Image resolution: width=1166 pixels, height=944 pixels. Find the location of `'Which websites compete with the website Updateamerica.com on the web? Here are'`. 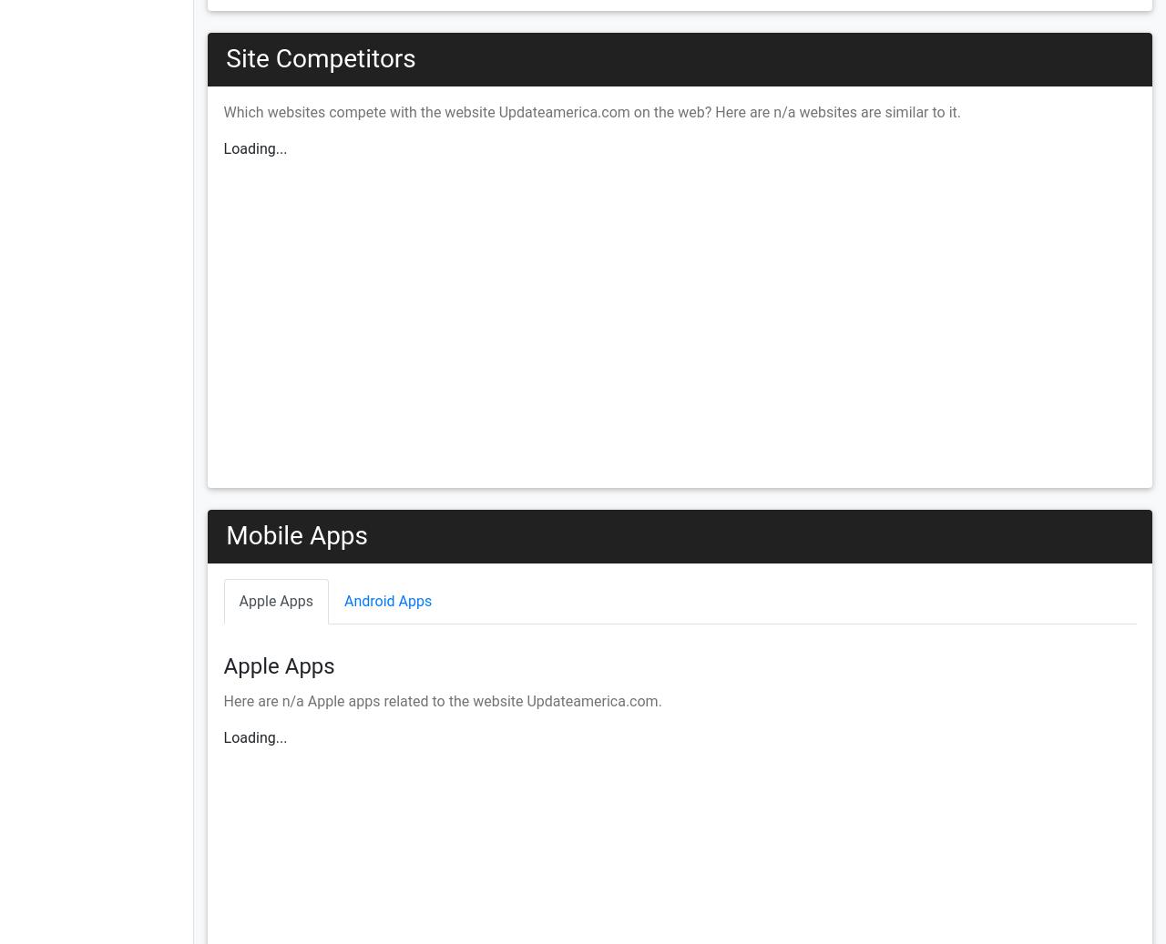

'Which websites compete with the website Updateamerica.com on the web? Here are' is located at coordinates (497, 111).